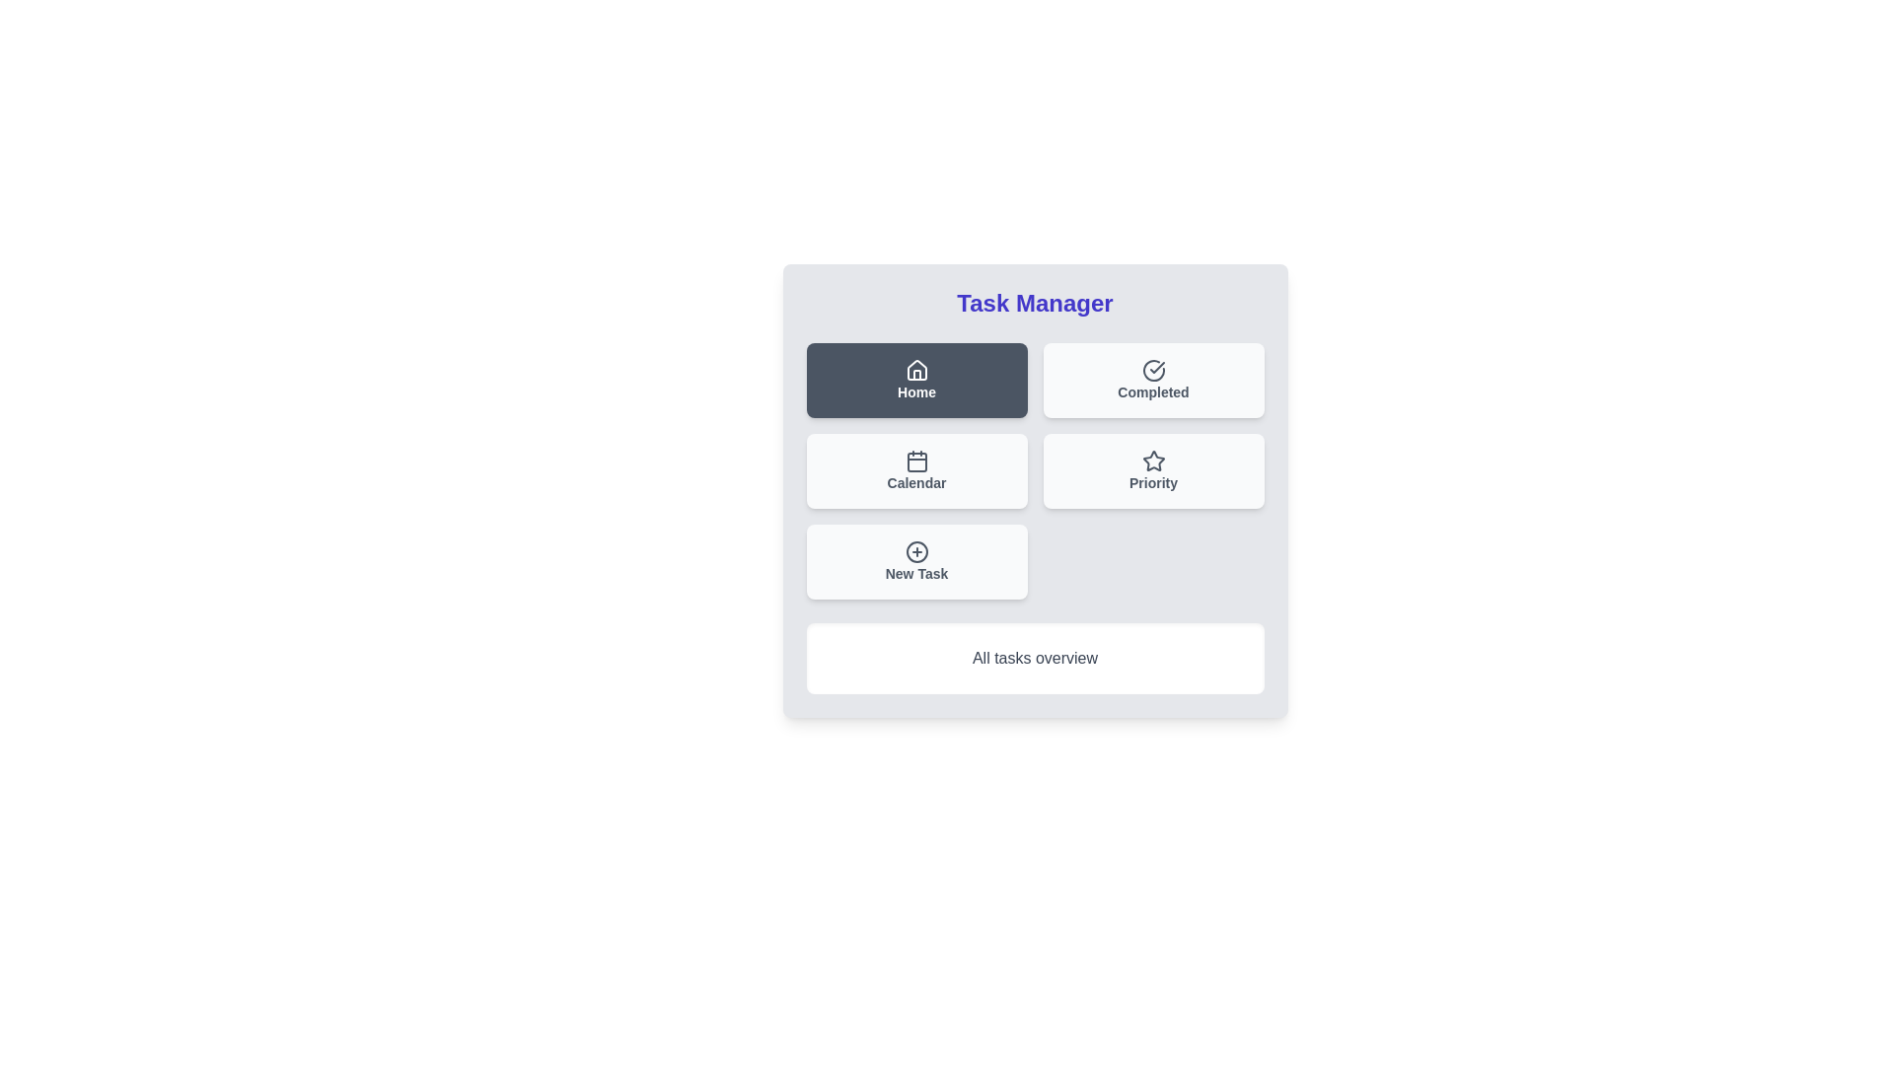 The image size is (1894, 1065). I want to click on the house-shaped icon within the dark gray 'Home' button in the task management interface, so click(915, 370).